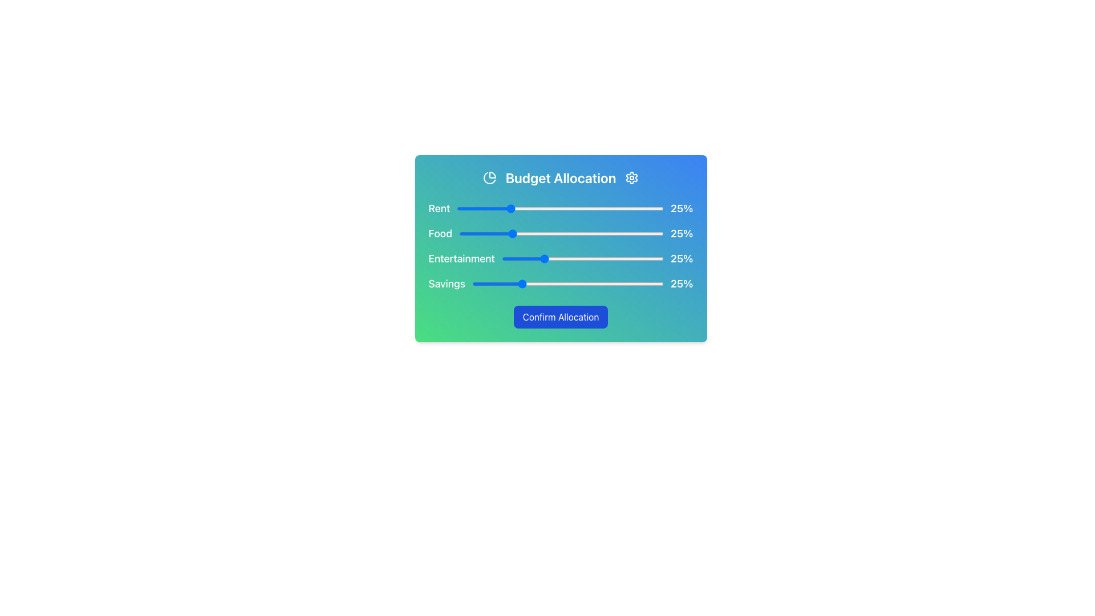  I want to click on the slider, so click(610, 233).